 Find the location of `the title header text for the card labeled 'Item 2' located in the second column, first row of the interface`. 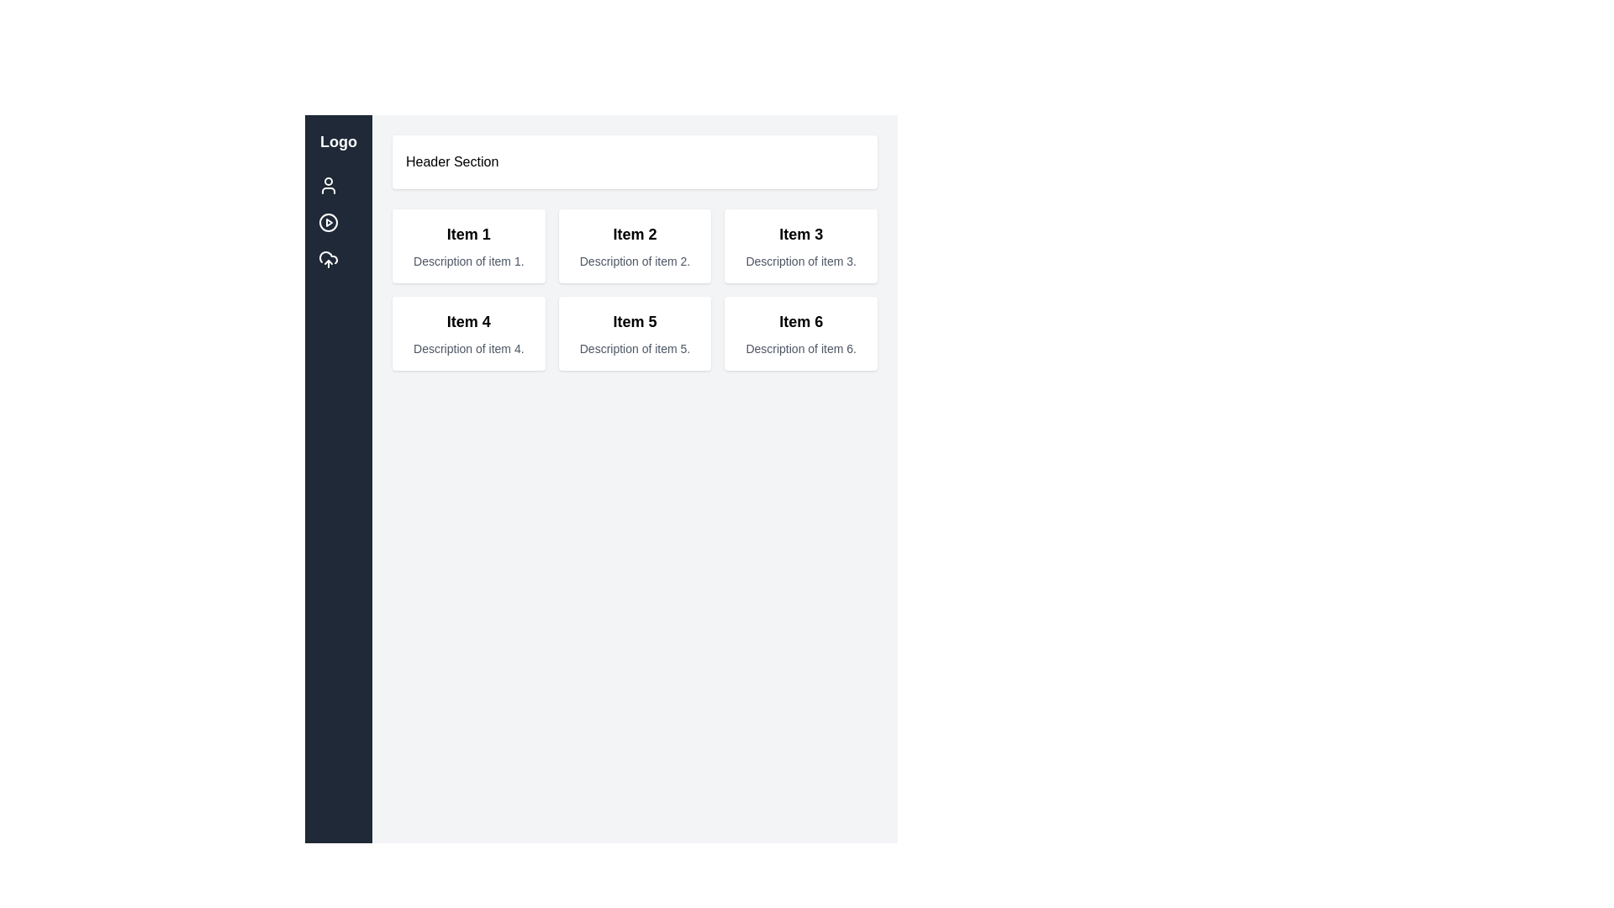

the title header text for the card labeled 'Item 2' located in the second column, first row of the interface is located at coordinates (634, 234).